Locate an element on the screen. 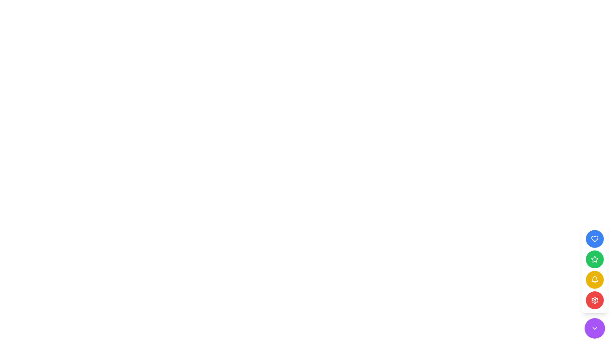 This screenshot has height=345, width=614. the heart-shaped icon button located at the top of the vertical icon stack on the right-hand side of the interface, which features a white outline against a blue circular background is located at coordinates (594, 239).